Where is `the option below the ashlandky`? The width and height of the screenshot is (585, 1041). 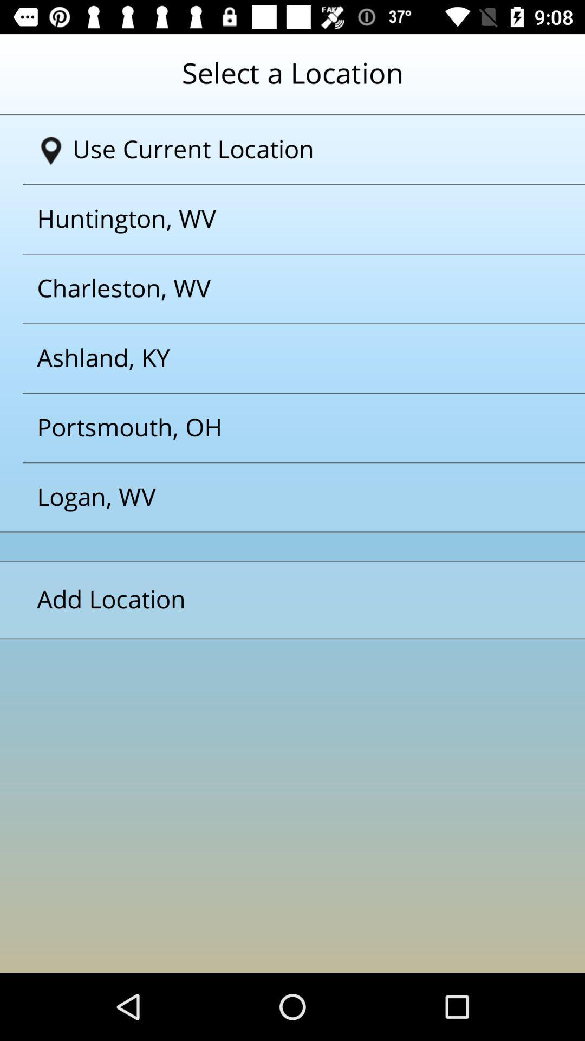 the option below the ashlandky is located at coordinates (278, 427).